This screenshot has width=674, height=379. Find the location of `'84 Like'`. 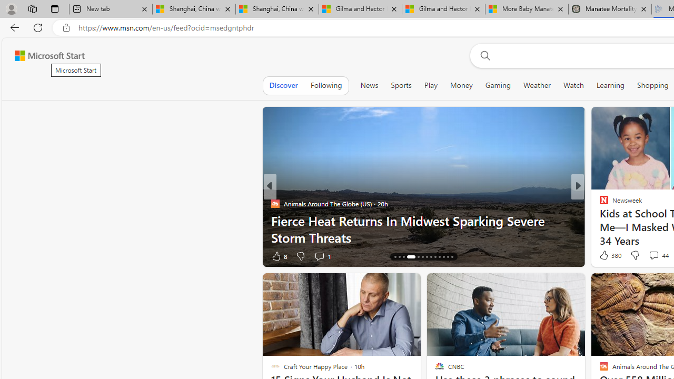

'84 Like' is located at coordinates (605, 256).